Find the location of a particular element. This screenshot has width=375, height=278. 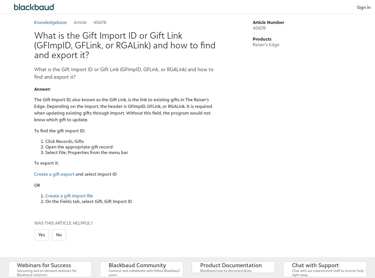

'Yes' is located at coordinates (41, 234).